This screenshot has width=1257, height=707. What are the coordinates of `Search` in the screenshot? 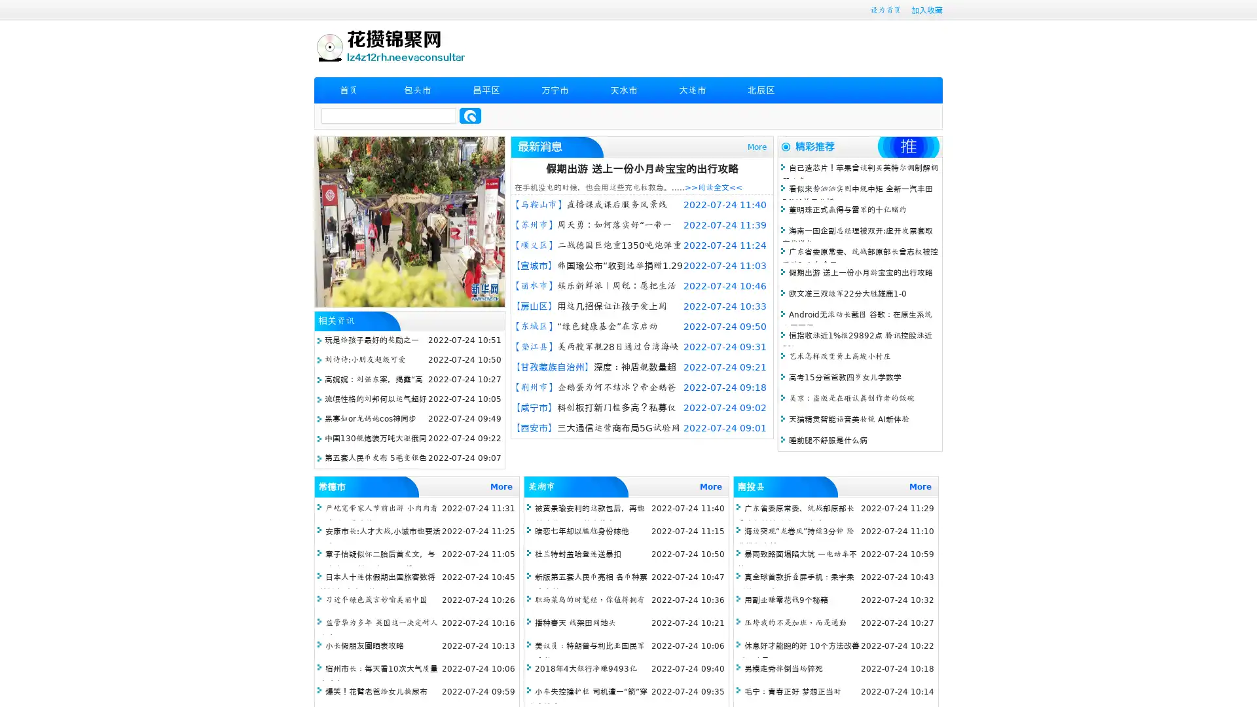 It's located at (470, 115).